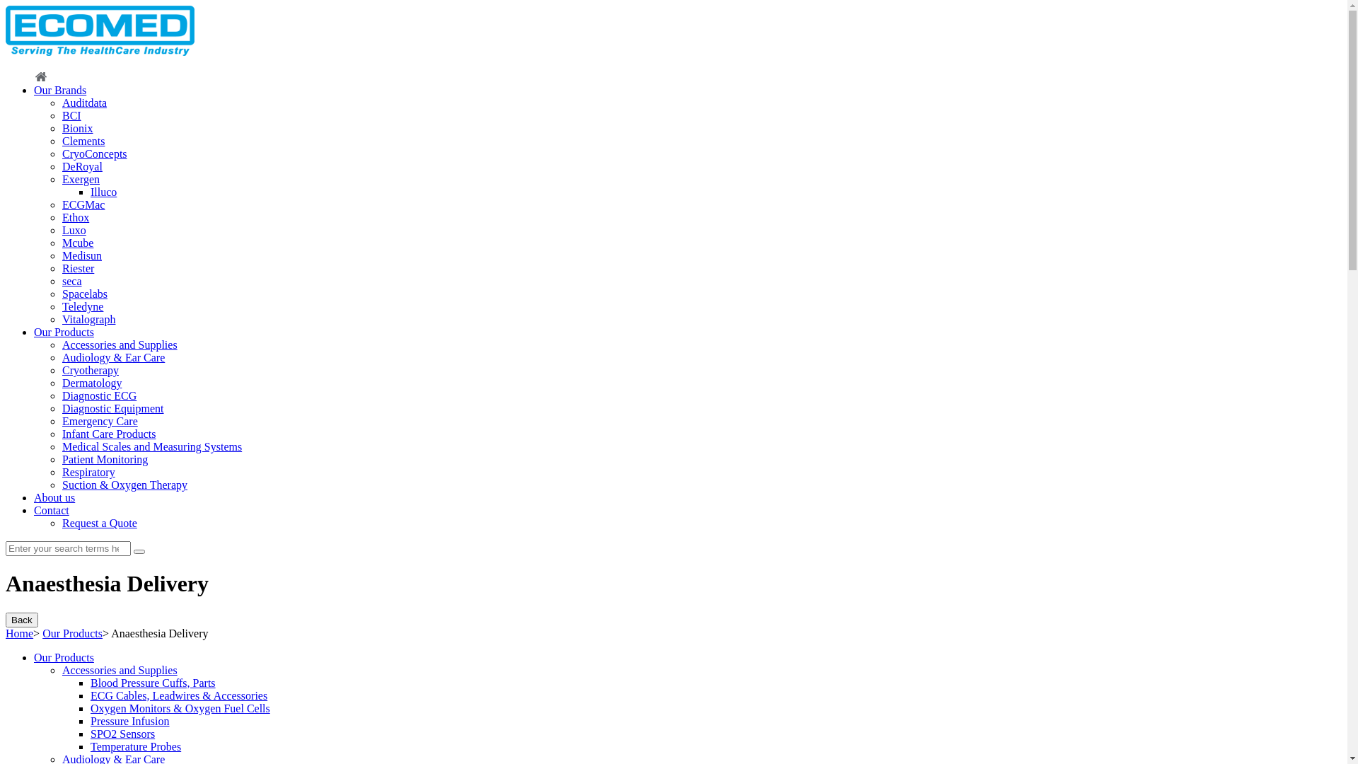 The image size is (1358, 764). What do you see at coordinates (94, 154) in the screenshot?
I see `'CryoConcepts'` at bounding box center [94, 154].